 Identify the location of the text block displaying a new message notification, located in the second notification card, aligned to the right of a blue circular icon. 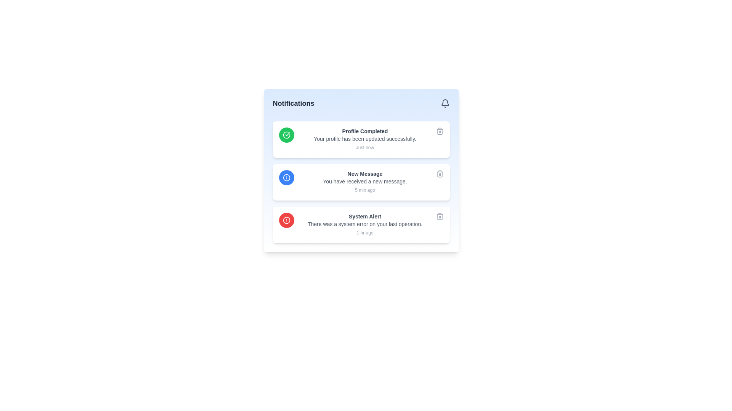
(364, 182).